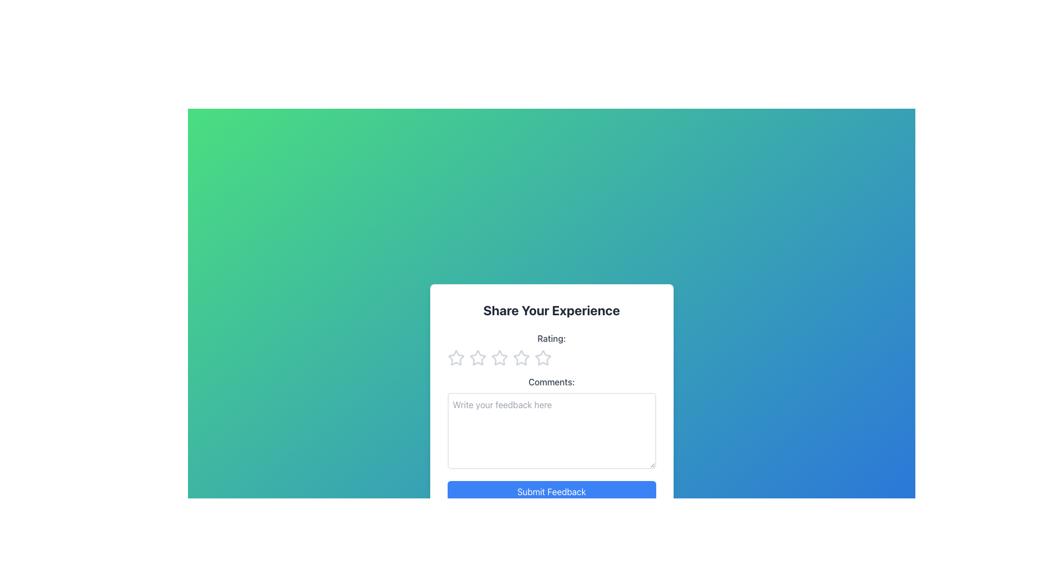  I want to click on text from the 'Rating:' text label, which is styled in medium font weight and gray color, located in the user feedback form section, so click(551, 338).